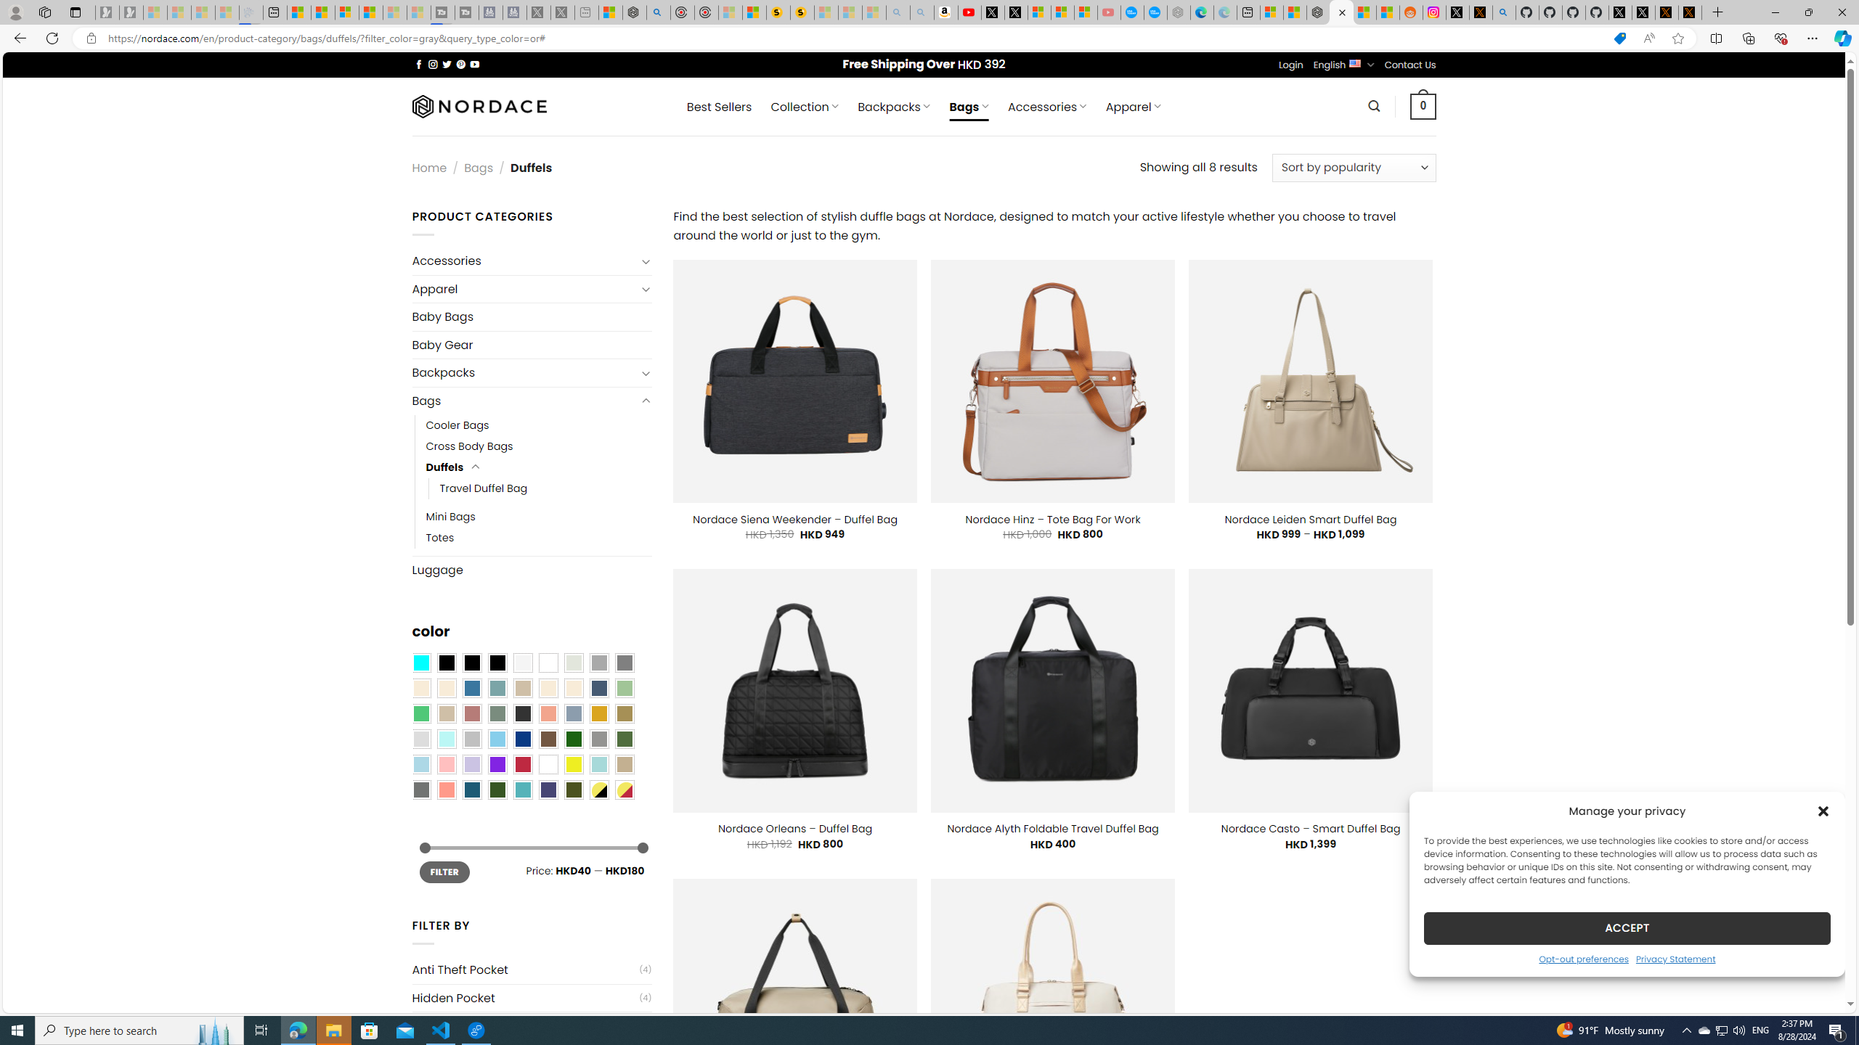 The width and height of the screenshot is (1859, 1045). I want to click on 'Yellow', so click(574, 764).